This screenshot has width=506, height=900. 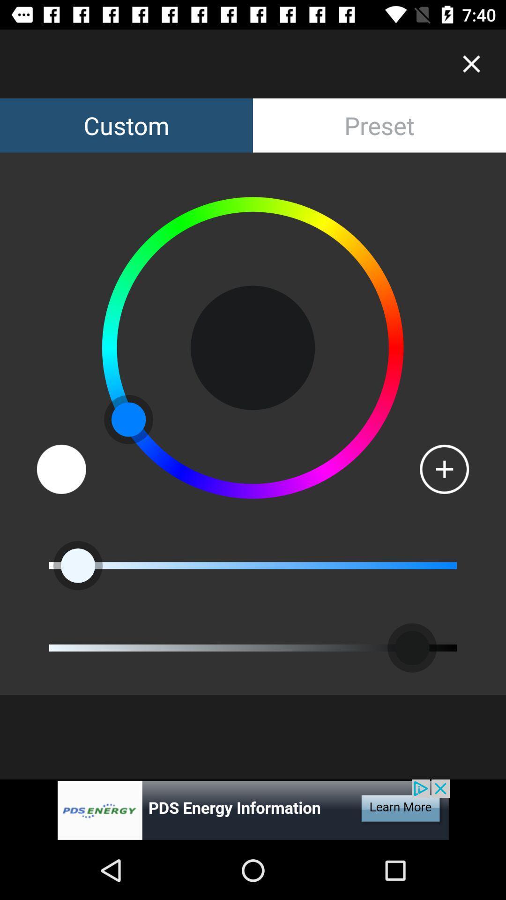 I want to click on lean more option, so click(x=253, y=810).